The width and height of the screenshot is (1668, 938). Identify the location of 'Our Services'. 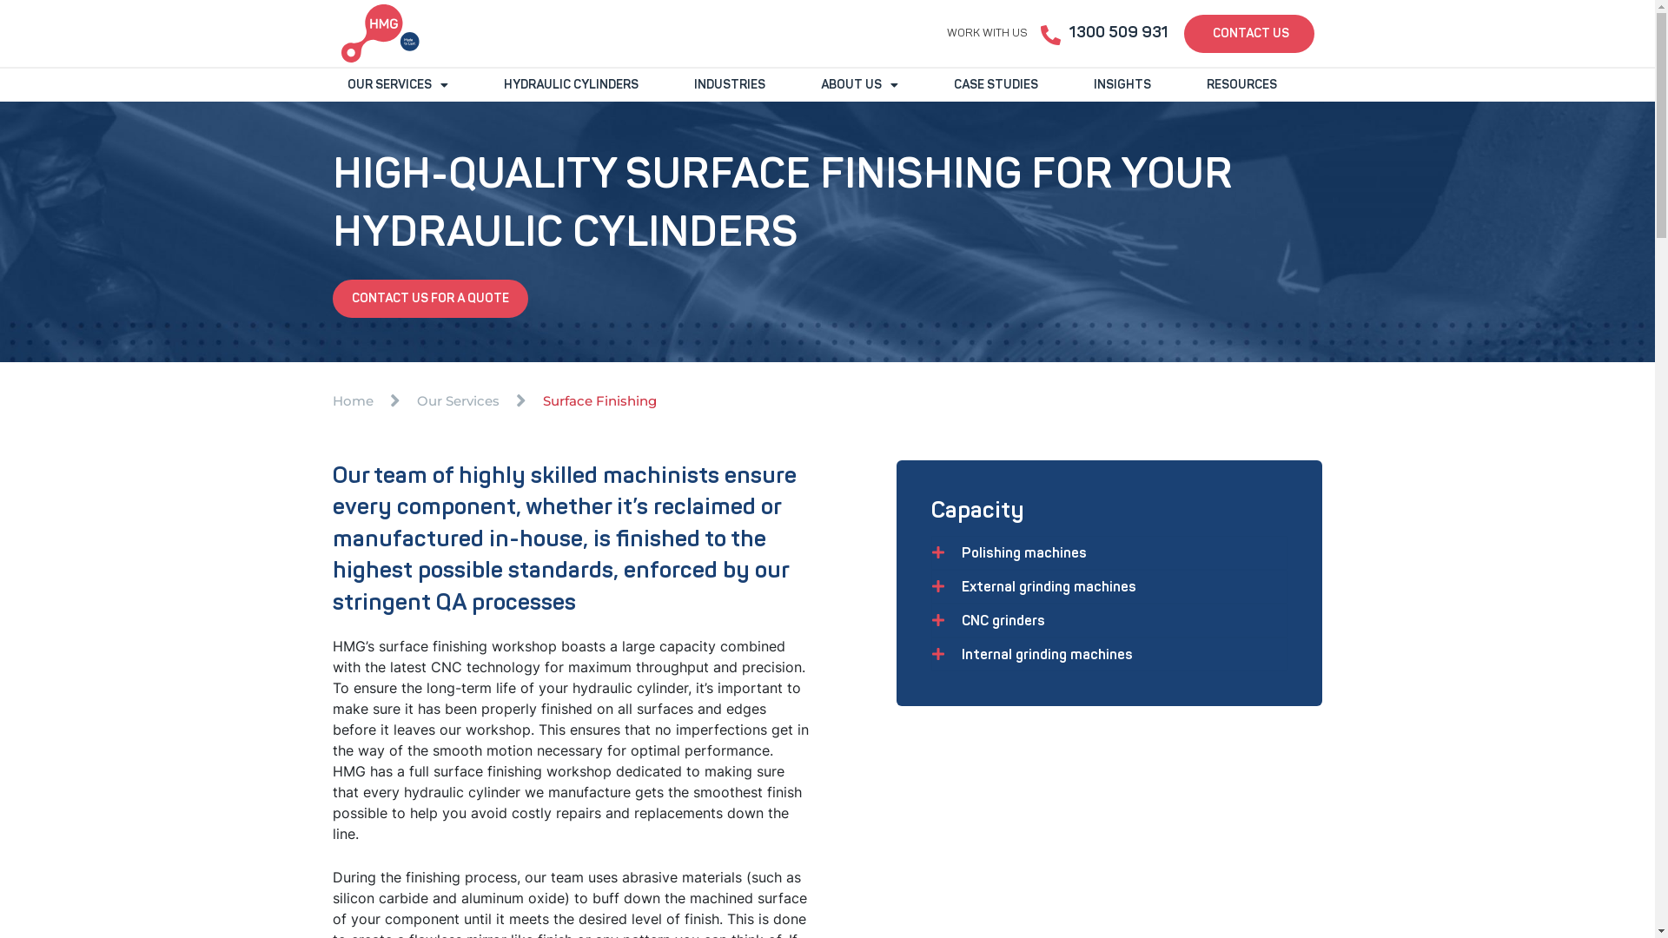
(458, 400).